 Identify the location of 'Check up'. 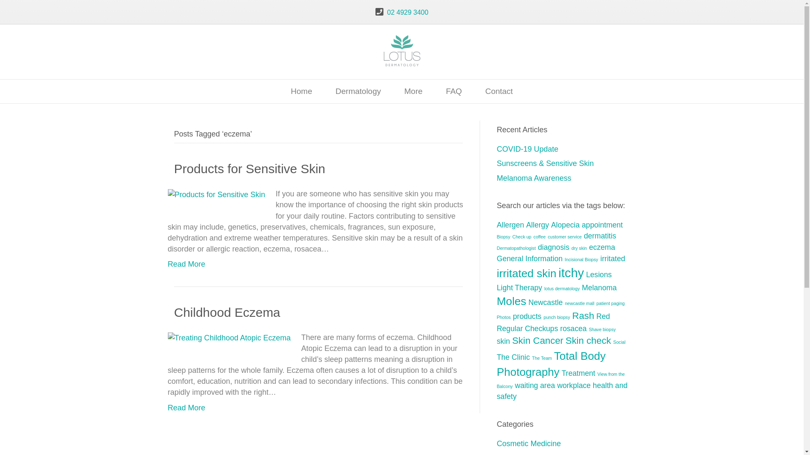
(521, 237).